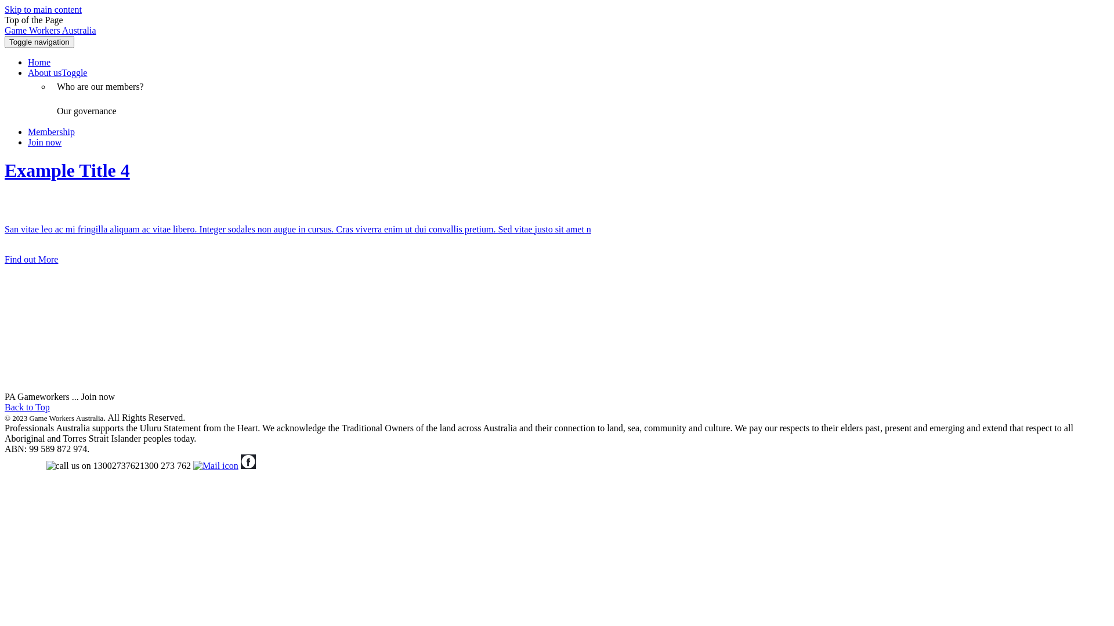 The image size is (1114, 626). What do you see at coordinates (28, 62) in the screenshot?
I see `'Home'` at bounding box center [28, 62].